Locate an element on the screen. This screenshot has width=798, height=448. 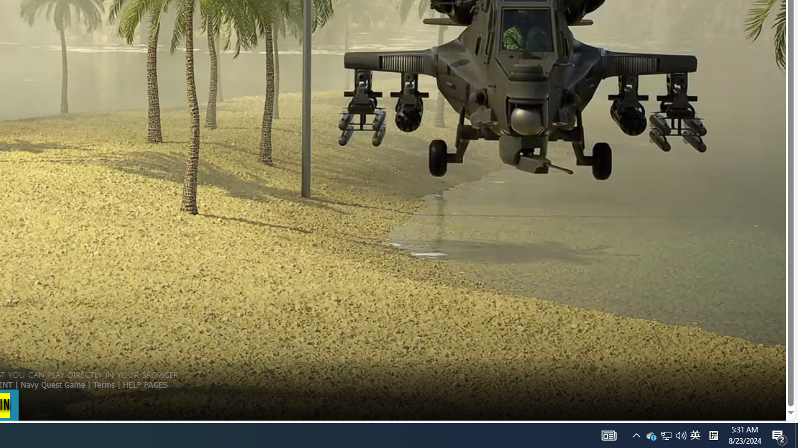
'Navy Quest Game' is located at coordinates (52, 383).